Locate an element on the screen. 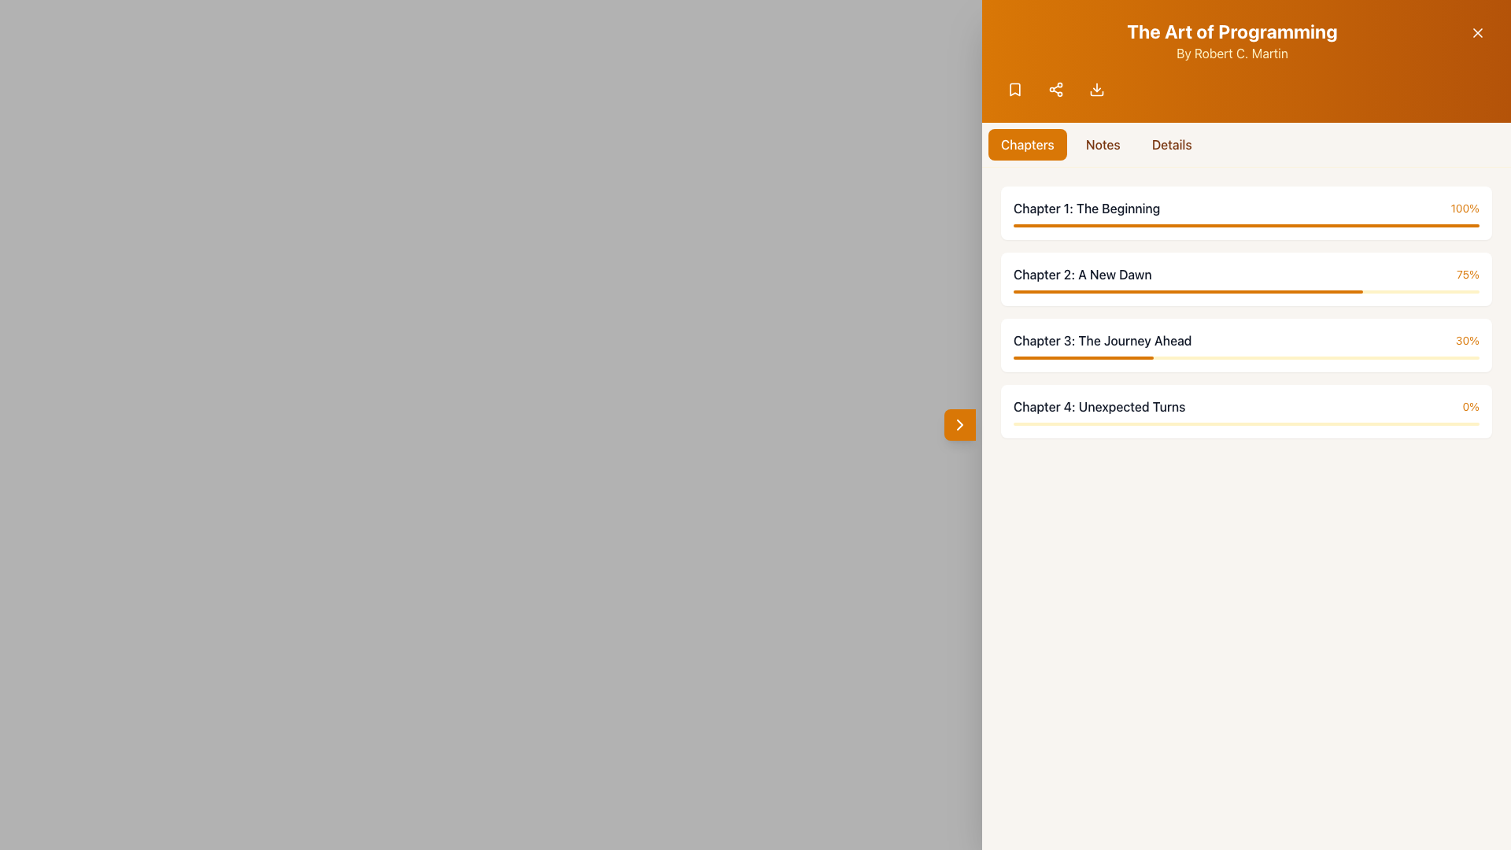 The width and height of the screenshot is (1511, 850). the round download button with a white arrow pointing downward, located in the top-right corner of the orange header section, to initiate the download is located at coordinates (1095, 90).